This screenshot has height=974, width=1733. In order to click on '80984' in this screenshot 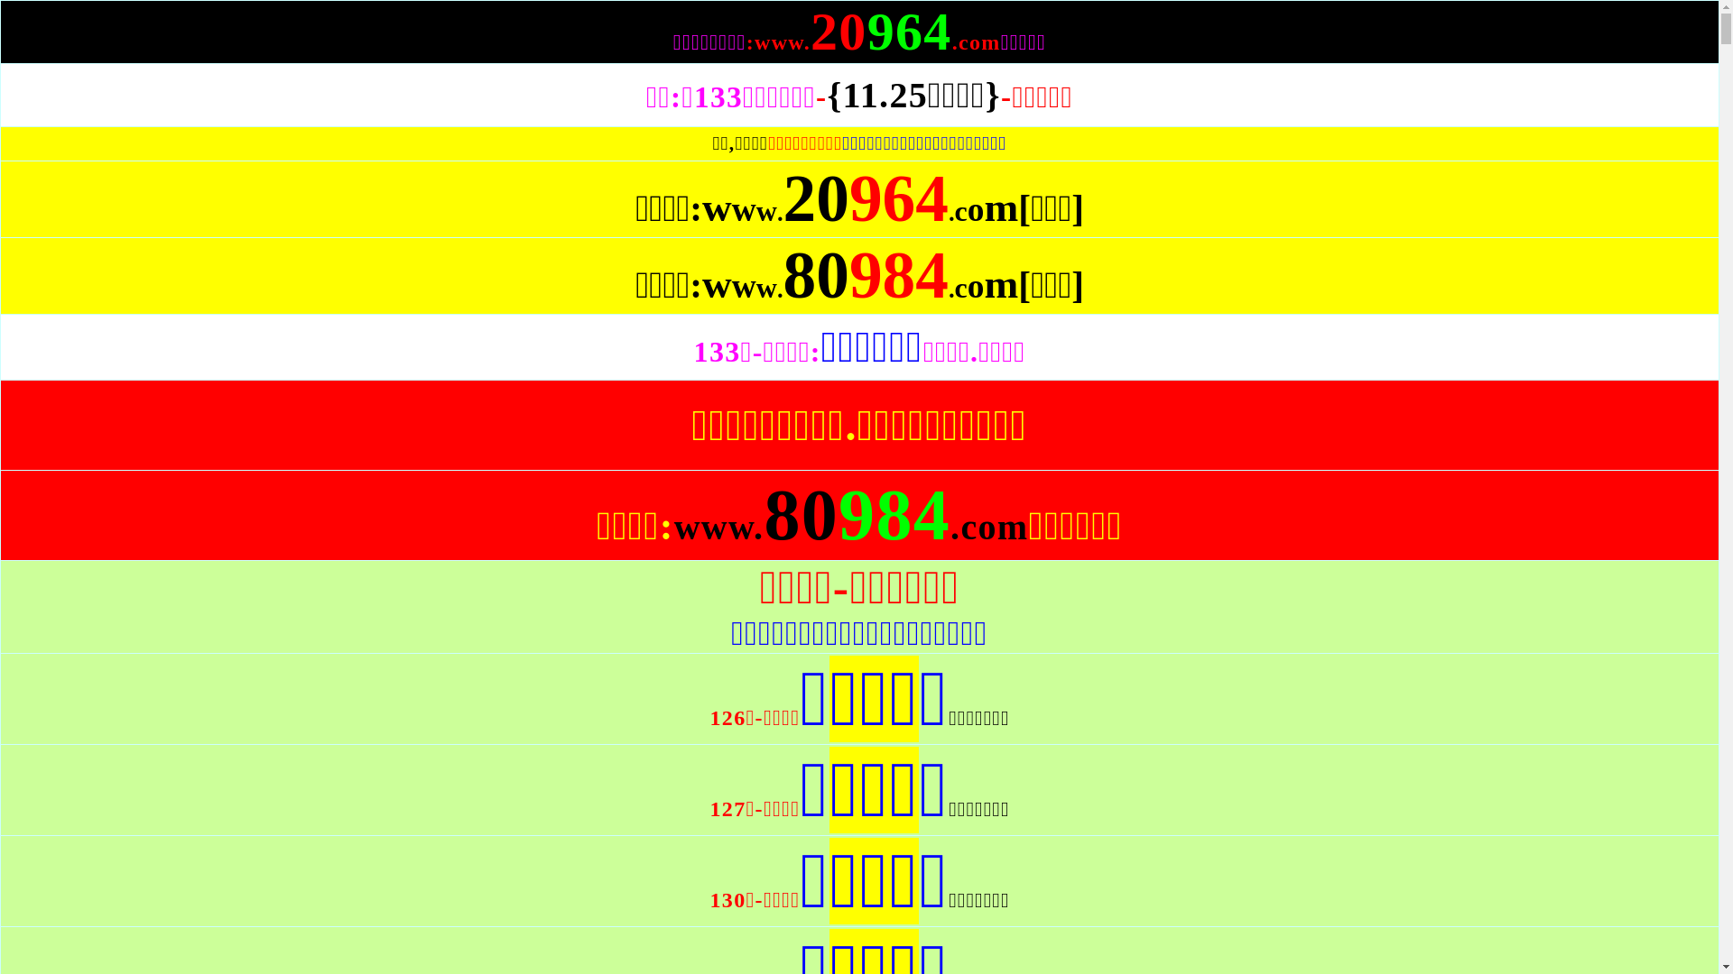, I will do `click(865, 293)`.